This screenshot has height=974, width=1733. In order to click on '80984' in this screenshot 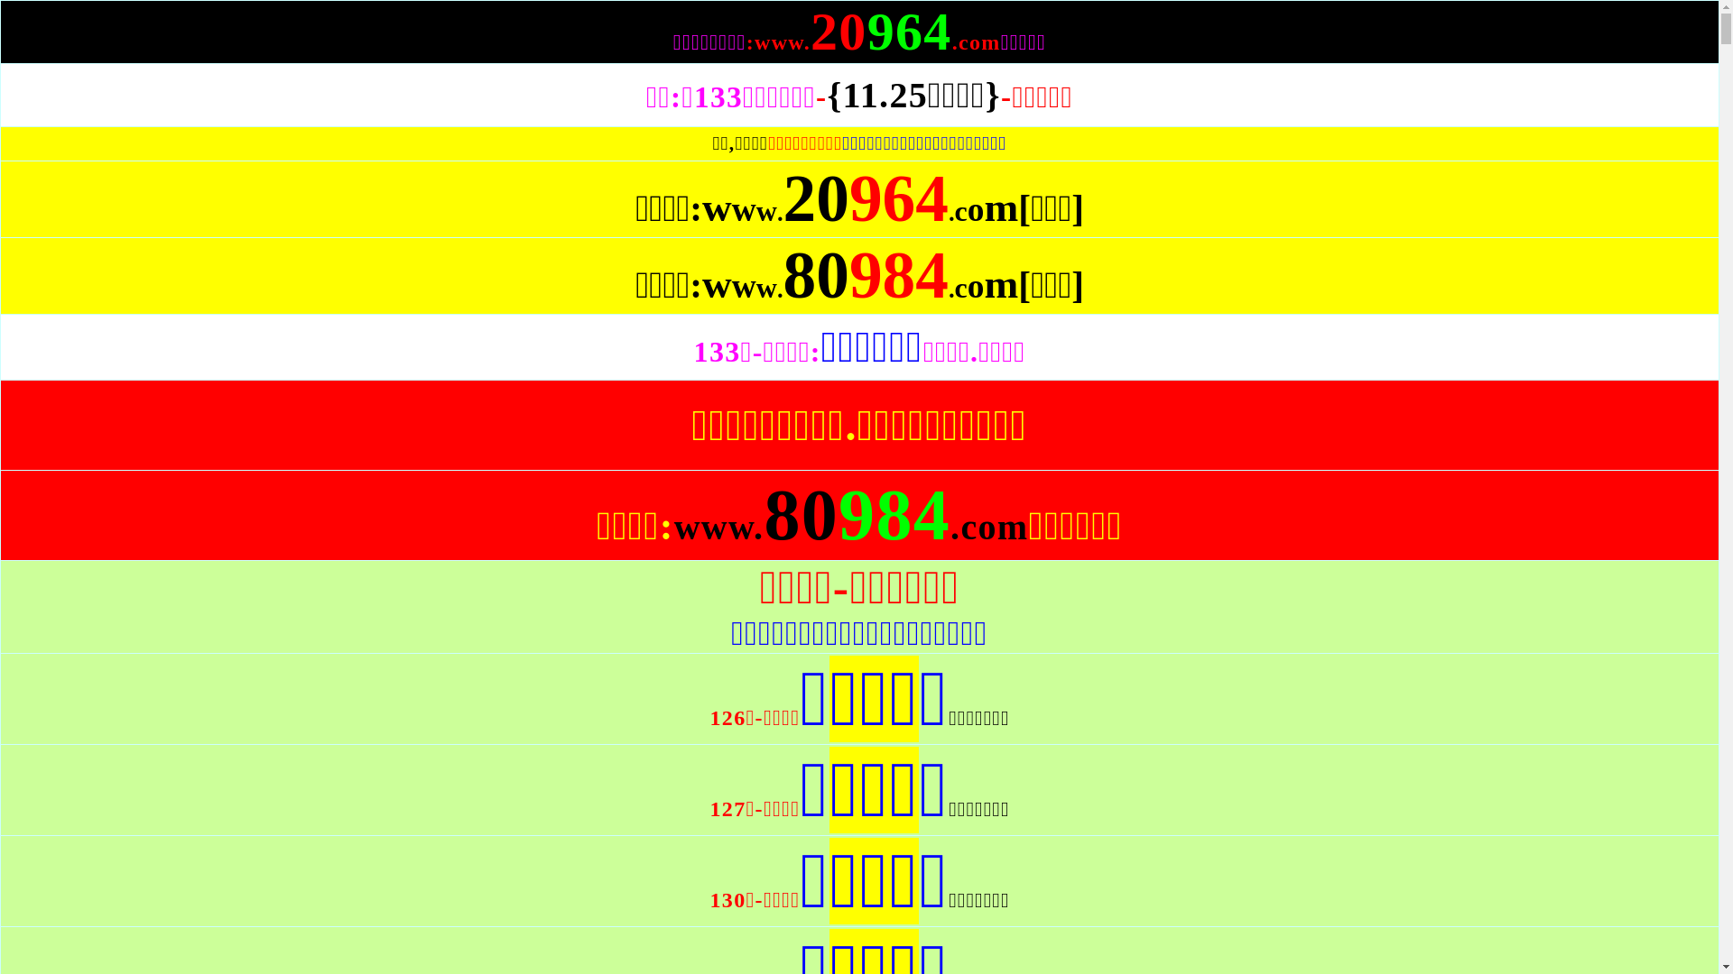, I will do `click(865, 293)`.